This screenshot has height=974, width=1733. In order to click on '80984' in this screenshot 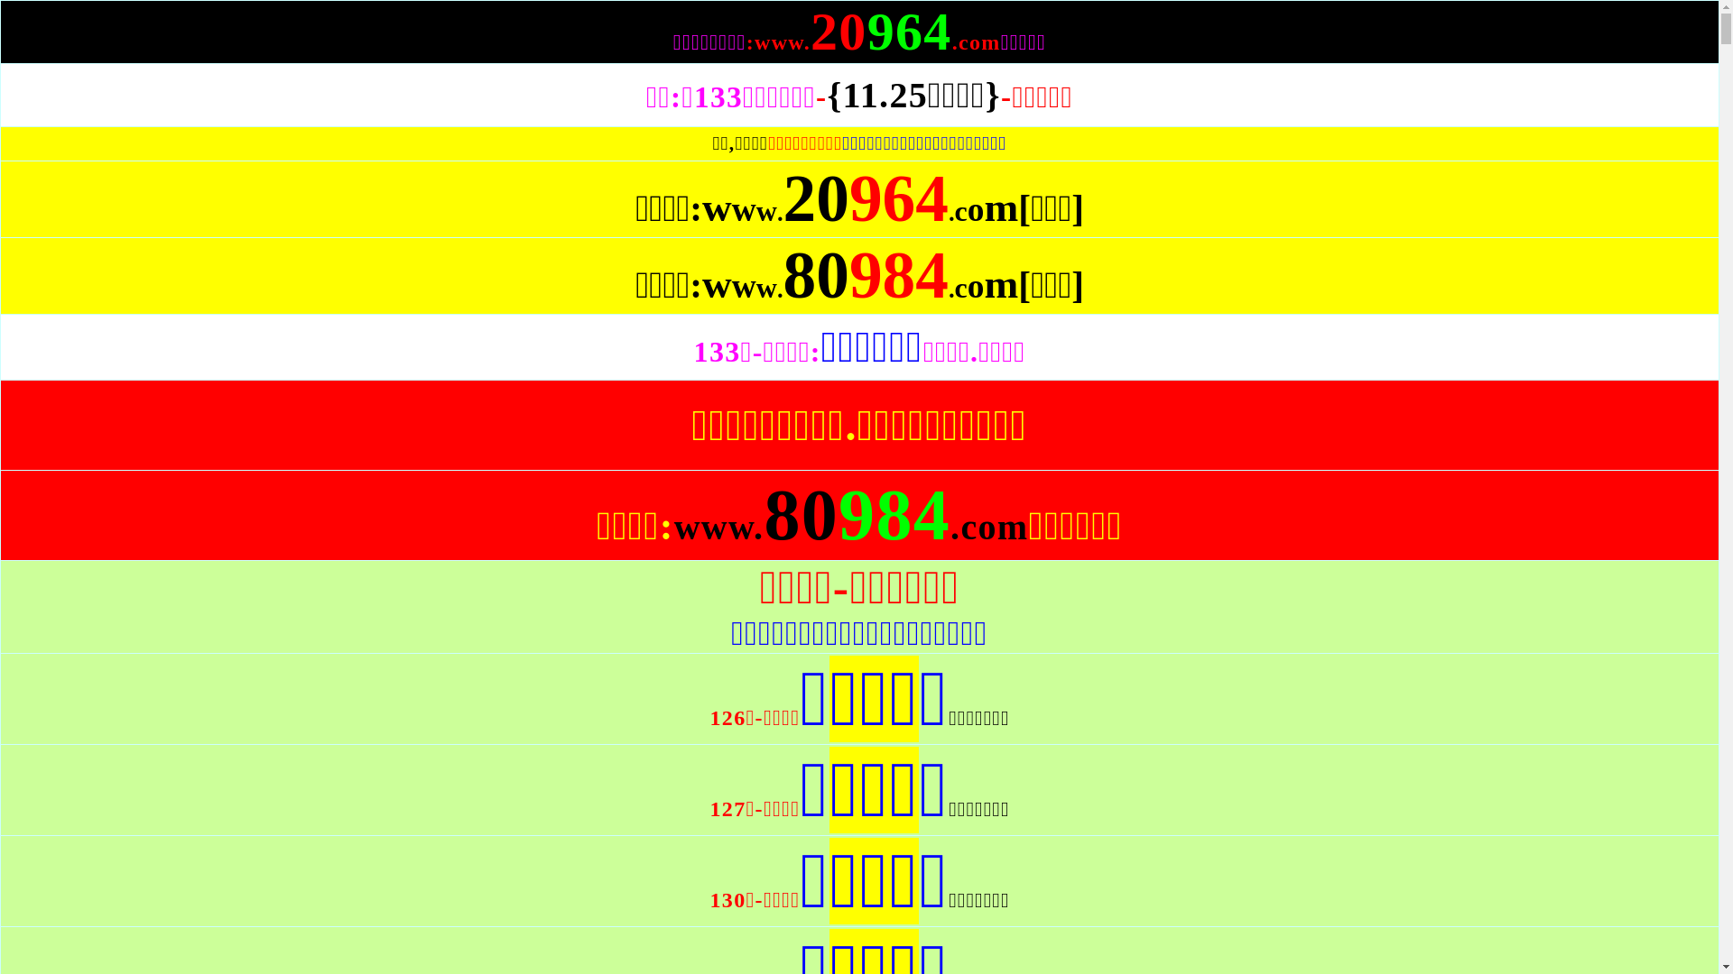, I will do `click(865, 293)`.